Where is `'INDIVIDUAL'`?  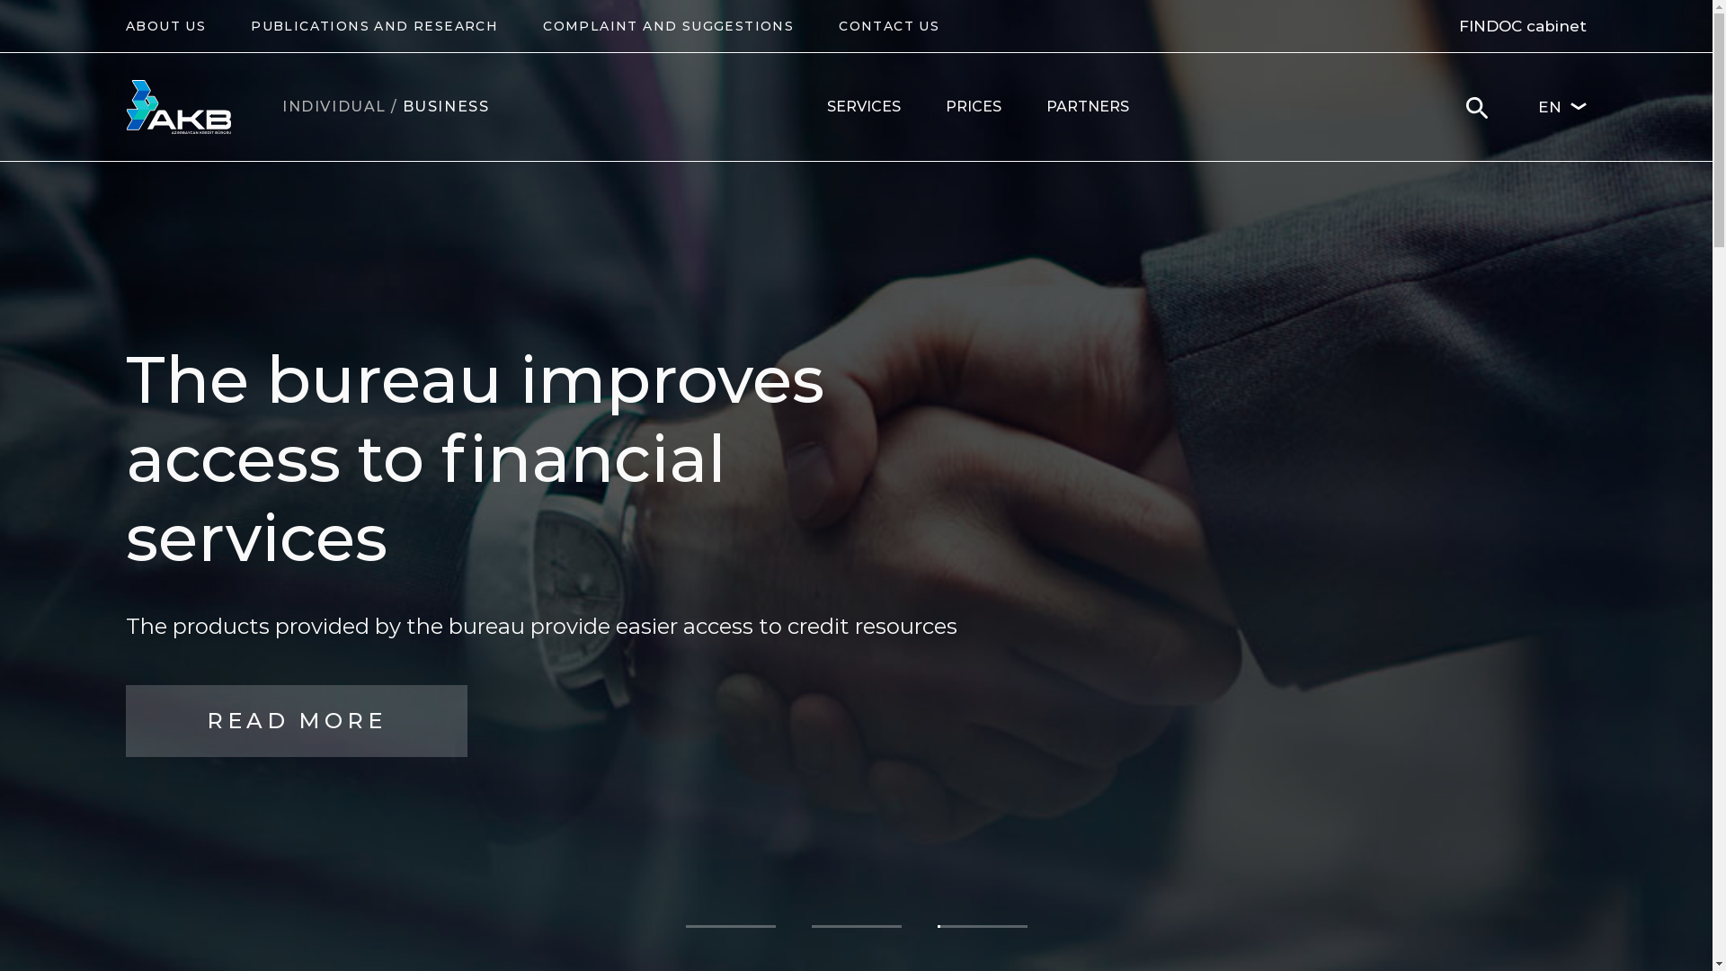
'INDIVIDUAL' is located at coordinates (280, 107).